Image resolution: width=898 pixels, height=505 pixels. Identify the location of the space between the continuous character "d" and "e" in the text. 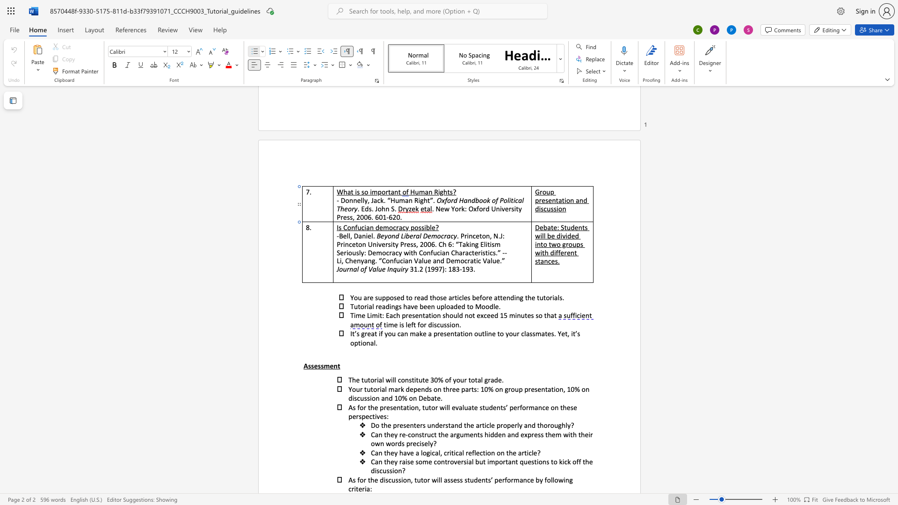
(478, 480).